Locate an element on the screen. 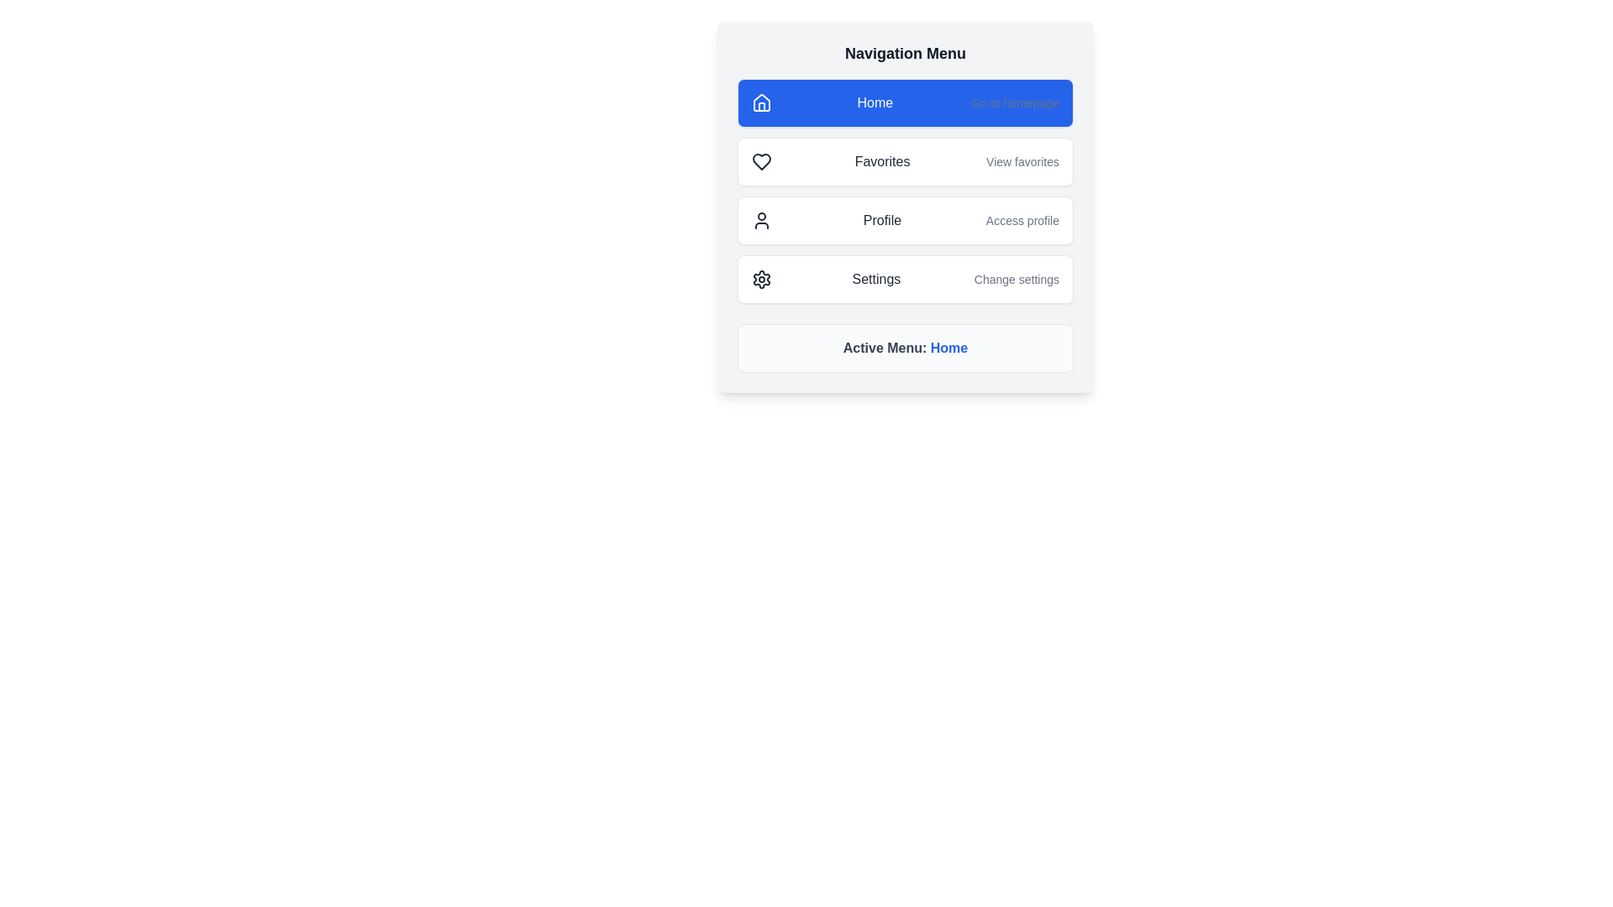 Image resolution: width=1613 pixels, height=907 pixels. the 'Profile' text label located in the third section of the vertical menu layout to associate it with nearby elements for navigation context is located at coordinates (881, 219).